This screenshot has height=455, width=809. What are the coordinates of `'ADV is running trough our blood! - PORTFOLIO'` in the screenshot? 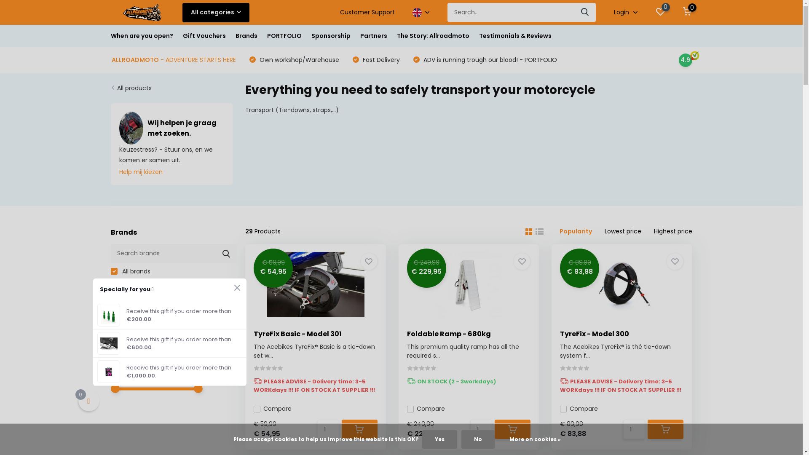 It's located at (489, 59).